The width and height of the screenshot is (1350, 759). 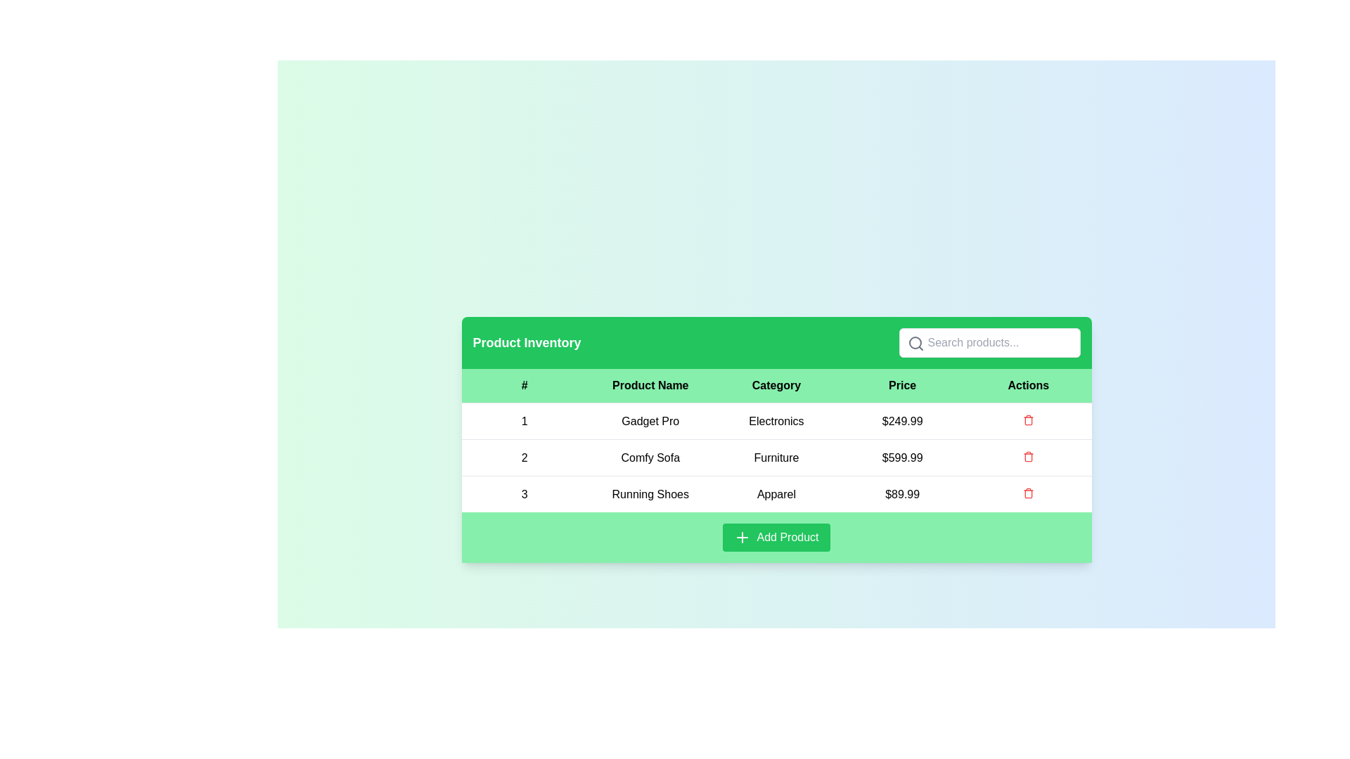 What do you see at coordinates (902, 458) in the screenshot?
I see `the static text display field that shows the price of the 'Comfy Sofa' in the second row of the table in the 'Price' column` at bounding box center [902, 458].